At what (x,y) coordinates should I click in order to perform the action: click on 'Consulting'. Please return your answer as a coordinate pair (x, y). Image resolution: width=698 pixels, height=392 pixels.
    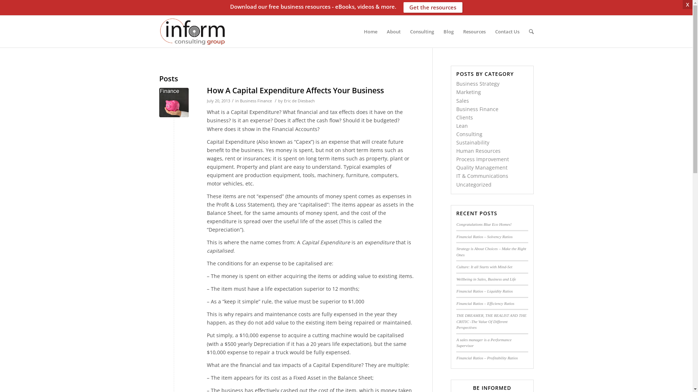
    Looking at the image, I should click on (422, 31).